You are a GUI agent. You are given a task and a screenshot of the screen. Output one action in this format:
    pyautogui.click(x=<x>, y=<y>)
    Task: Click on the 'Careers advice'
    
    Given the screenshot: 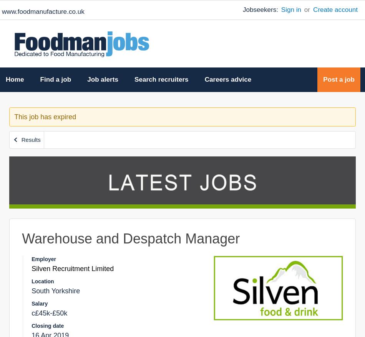 What is the action you would take?
    pyautogui.click(x=227, y=79)
    